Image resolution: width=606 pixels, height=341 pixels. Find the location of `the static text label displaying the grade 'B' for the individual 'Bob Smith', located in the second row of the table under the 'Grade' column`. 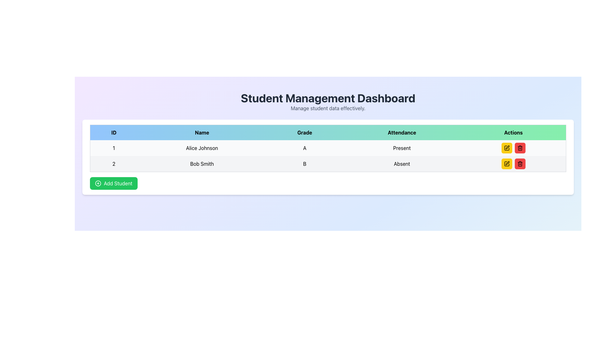

the static text label displaying the grade 'B' for the individual 'Bob Smith', located in the second row of the table under the 'Grade' column is located at coordinates (305, 164).